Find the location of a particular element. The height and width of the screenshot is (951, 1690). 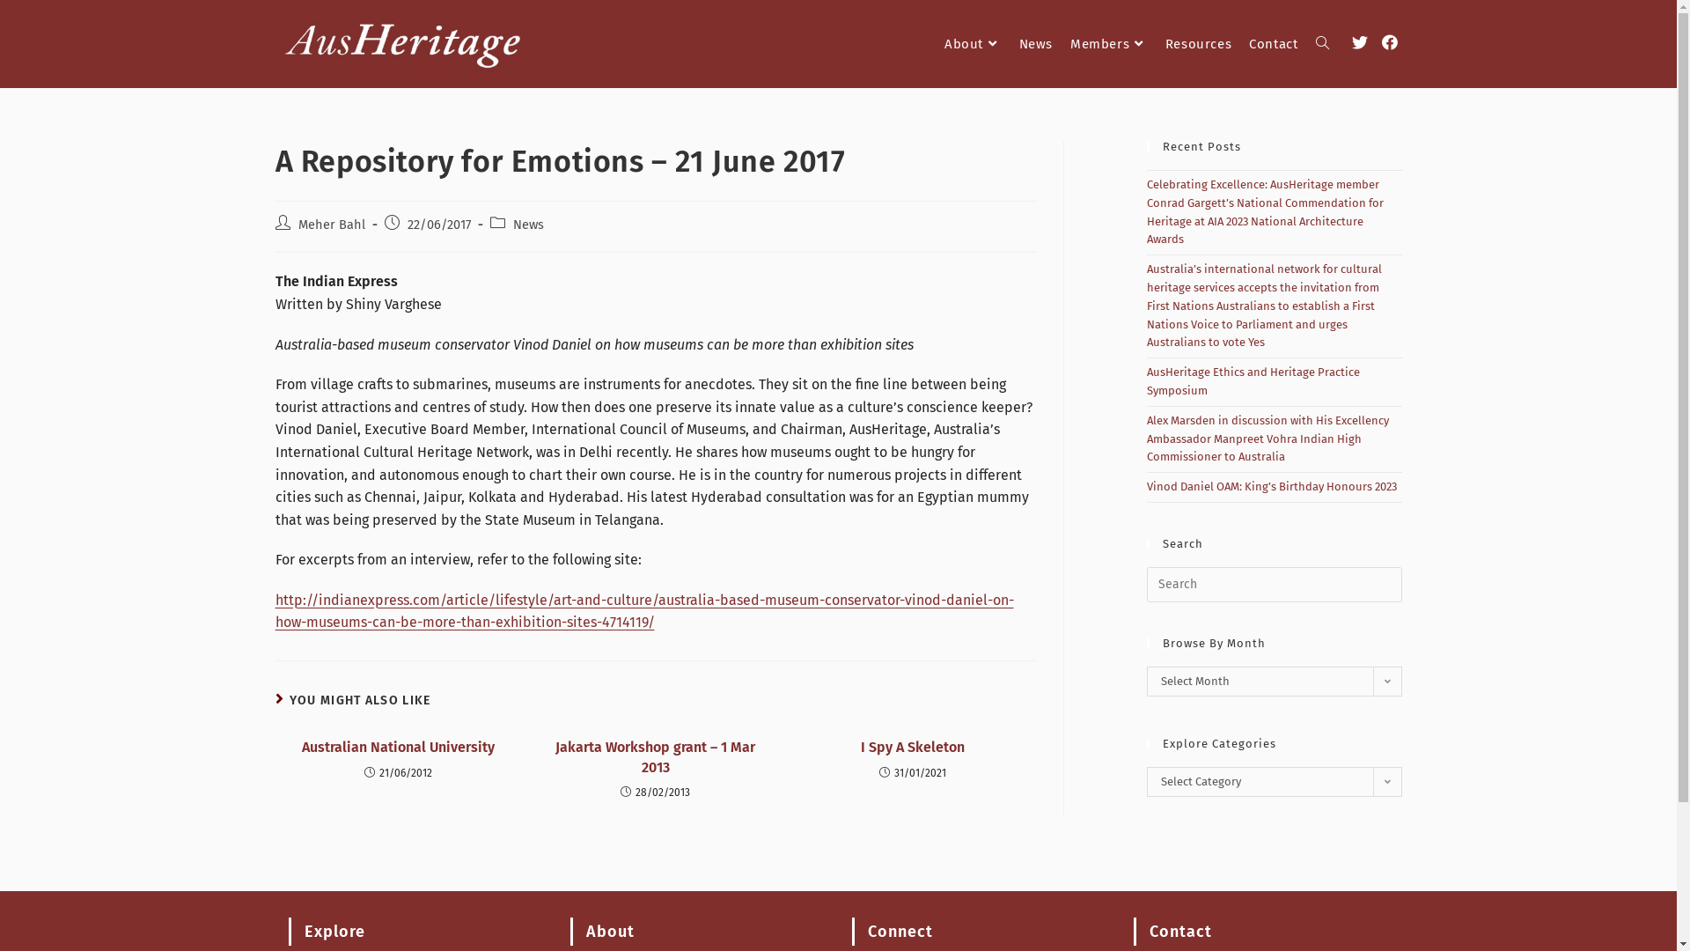

'AusHeritage Ethics and Heritage Practice Symposium' is located at coordinates (1251, 380).